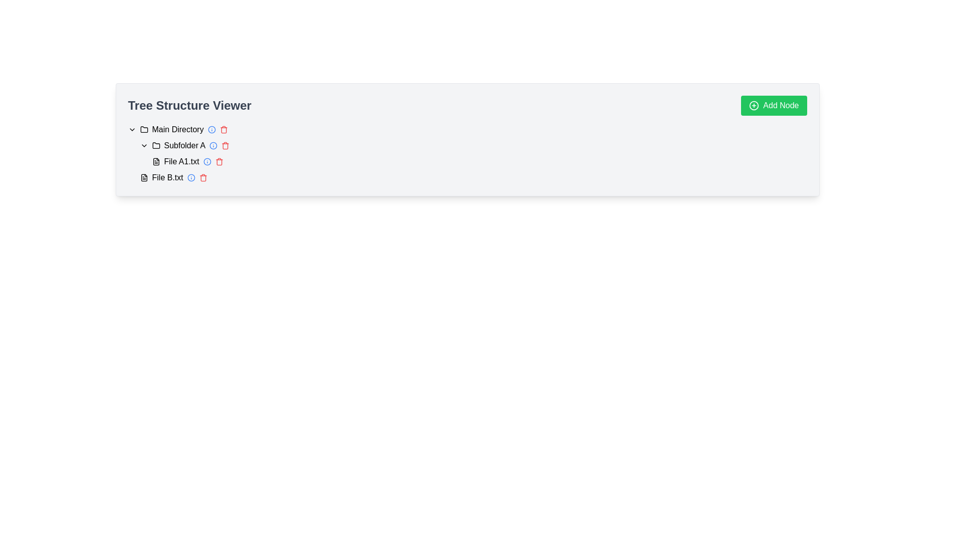 The width and height of the screenshot is (962, 541). What do you see at coordinates (167, 177) in the screenshot?
I see `the text label representing 'File B.txt' within the directory tree structure under 'Subfolder A'` at bounding box center [167, 177].